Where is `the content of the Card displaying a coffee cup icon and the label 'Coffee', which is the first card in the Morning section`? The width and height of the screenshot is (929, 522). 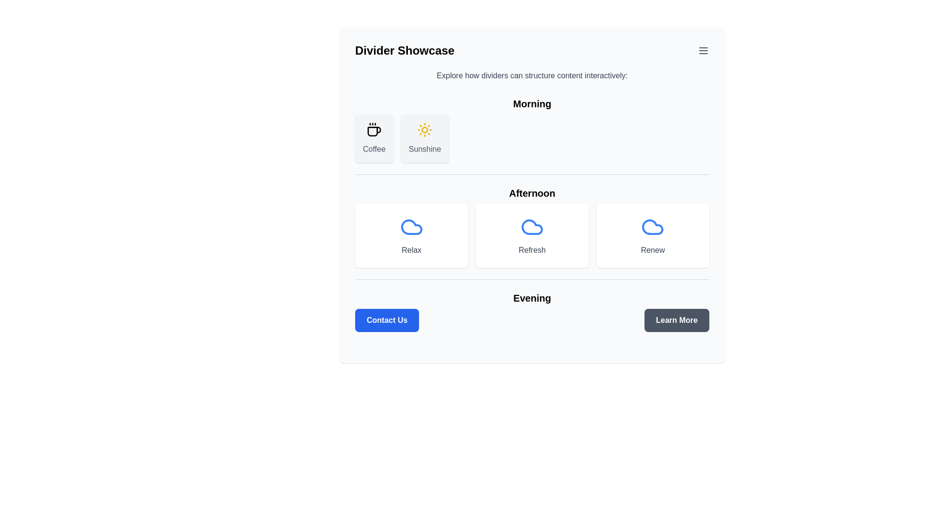
the content of the Card displaying a coffee cup icon and the label 'Coffee', which is the first card in the Morning section is located at coordinates (374, 138).